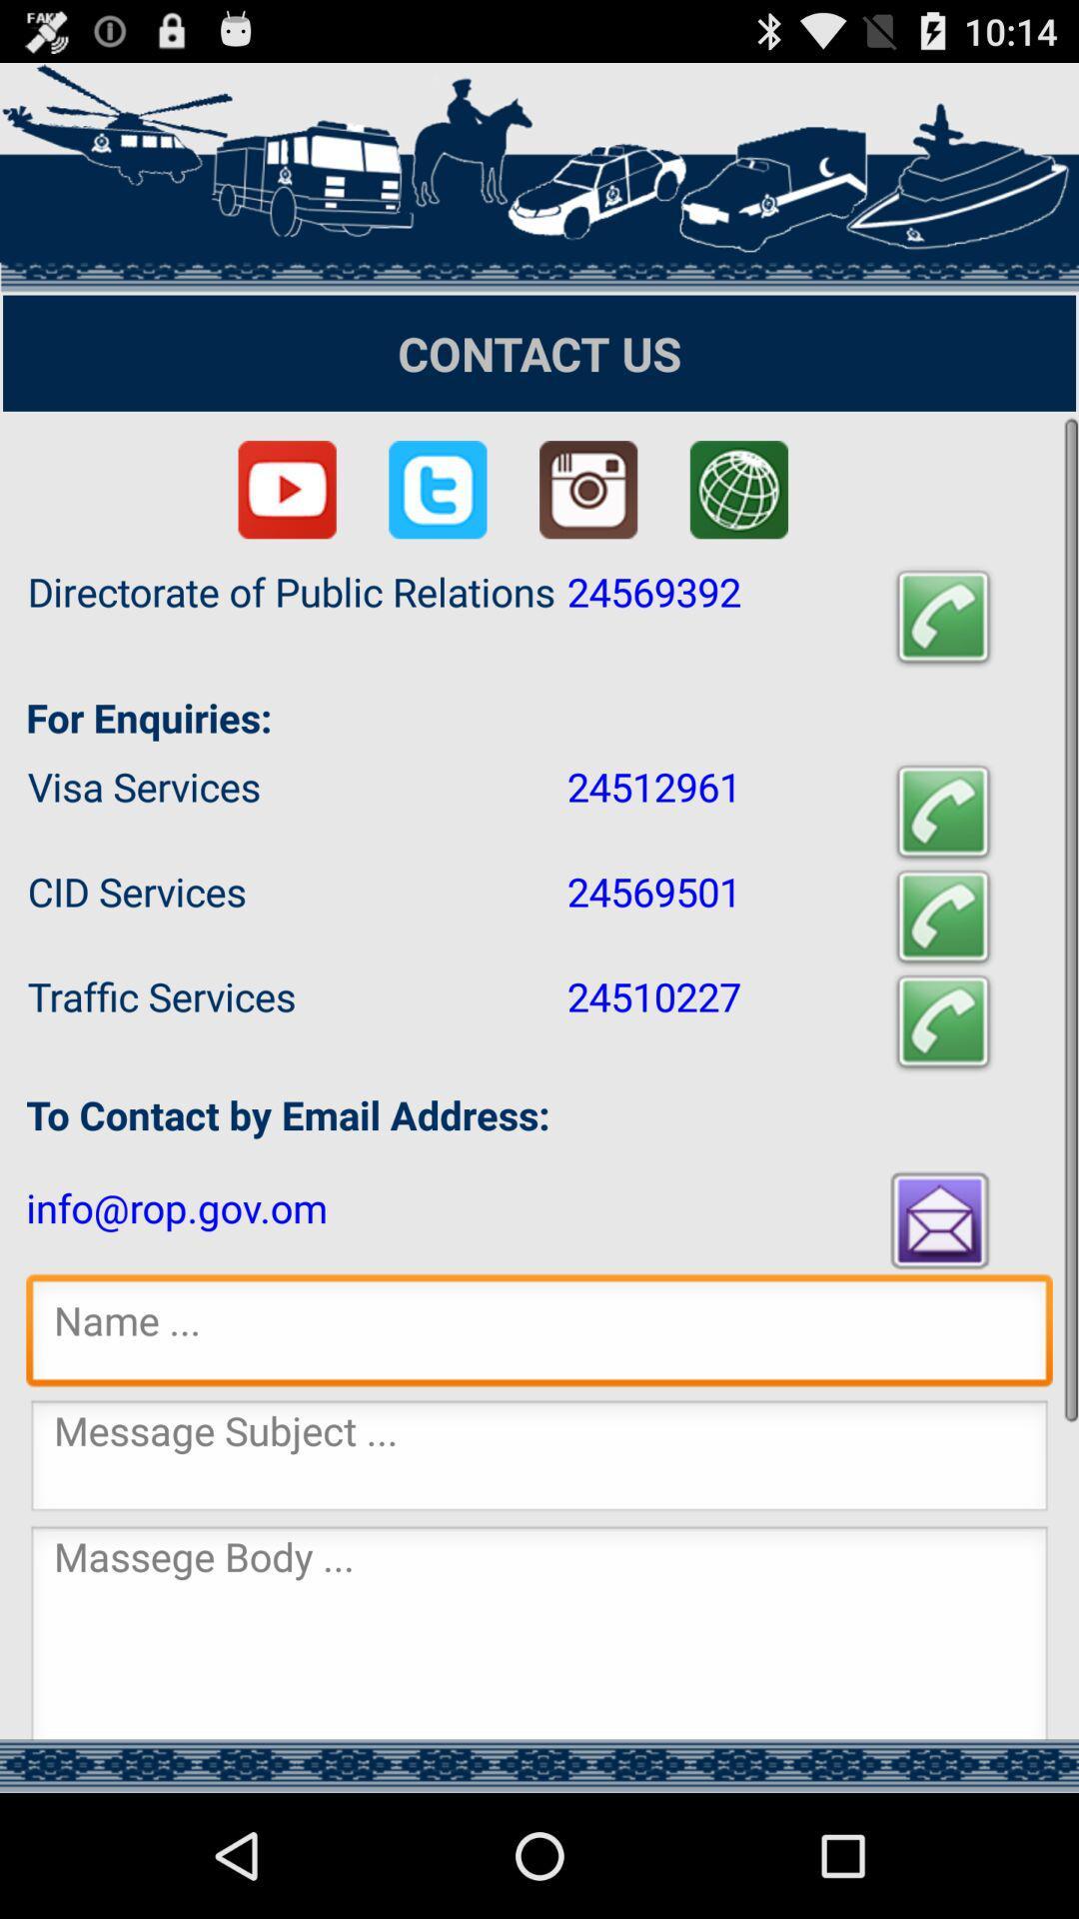 The height and width of the screenshot is (1919, 1079). I want to click on message subject, so click(539, 1461).